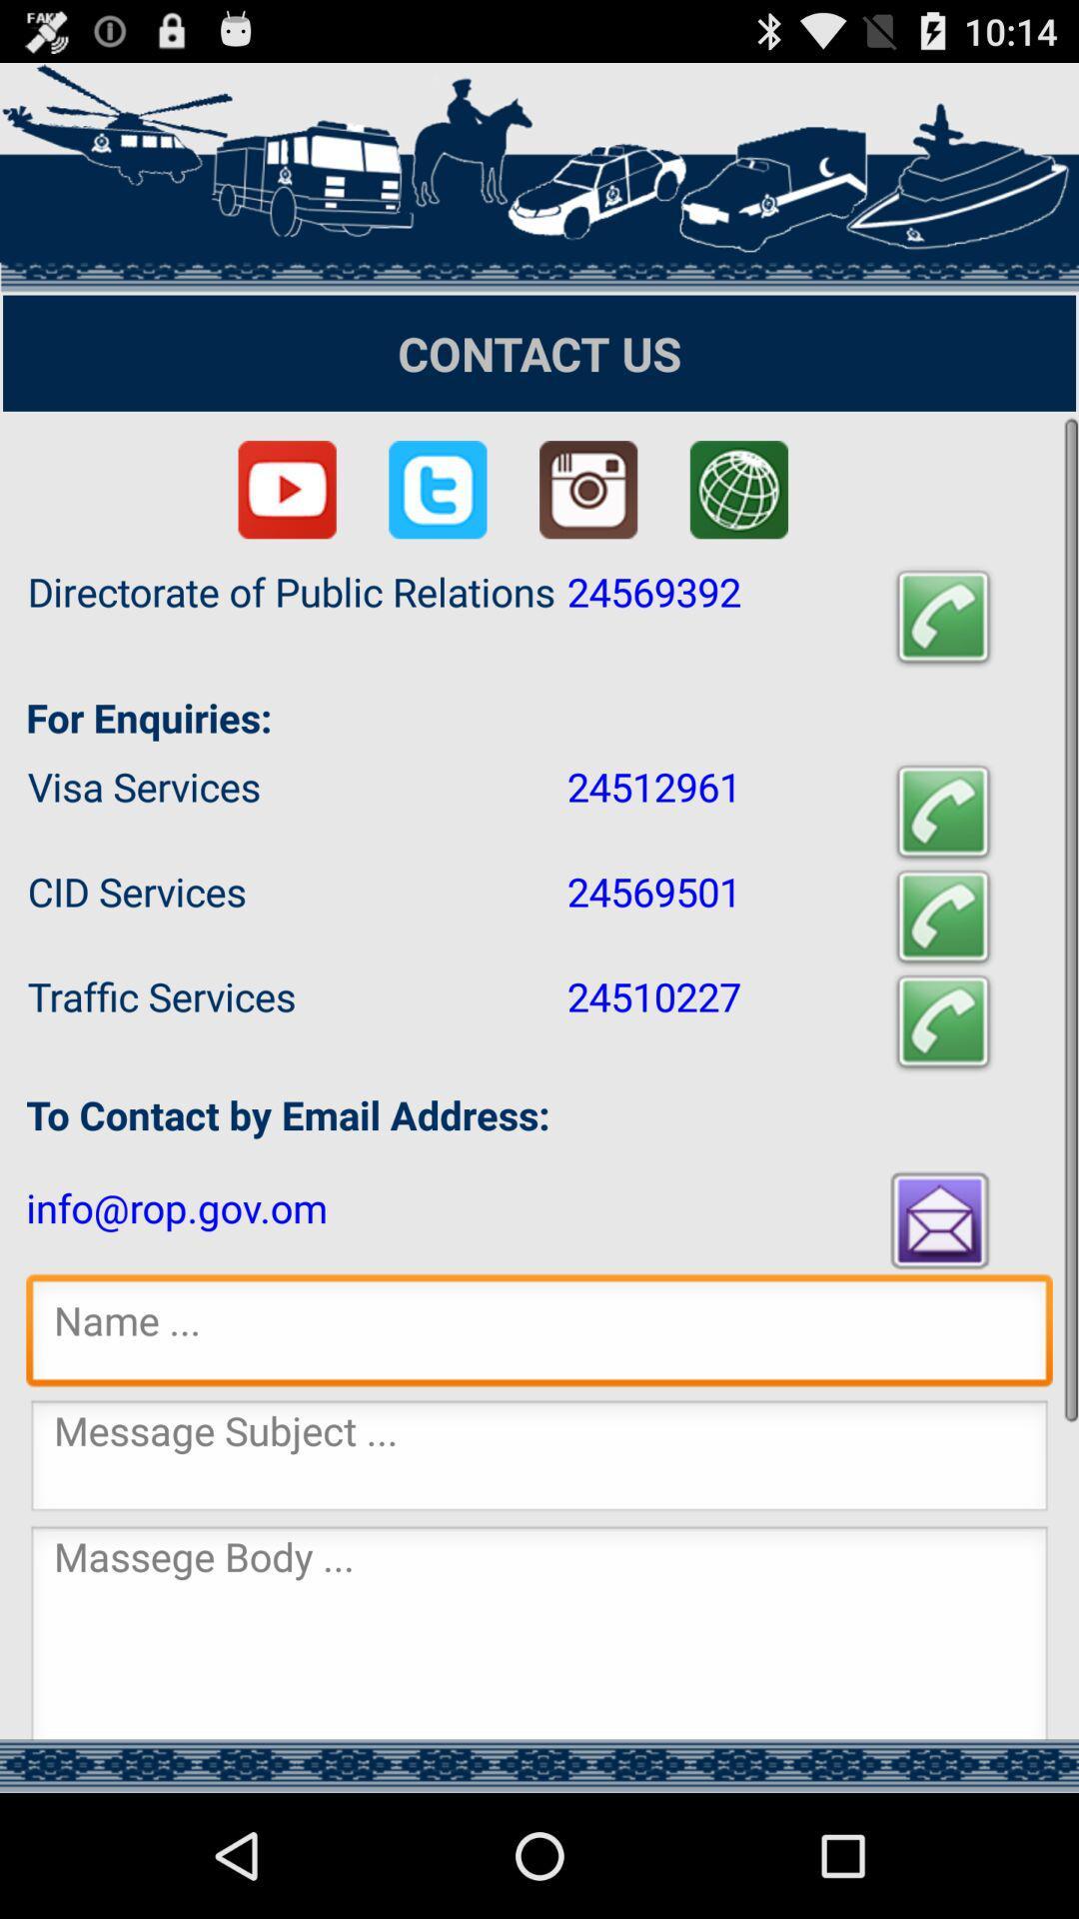 The height and width of the screenshot is (1919, 1079). I want to click on message subject, so click(539, 1461).